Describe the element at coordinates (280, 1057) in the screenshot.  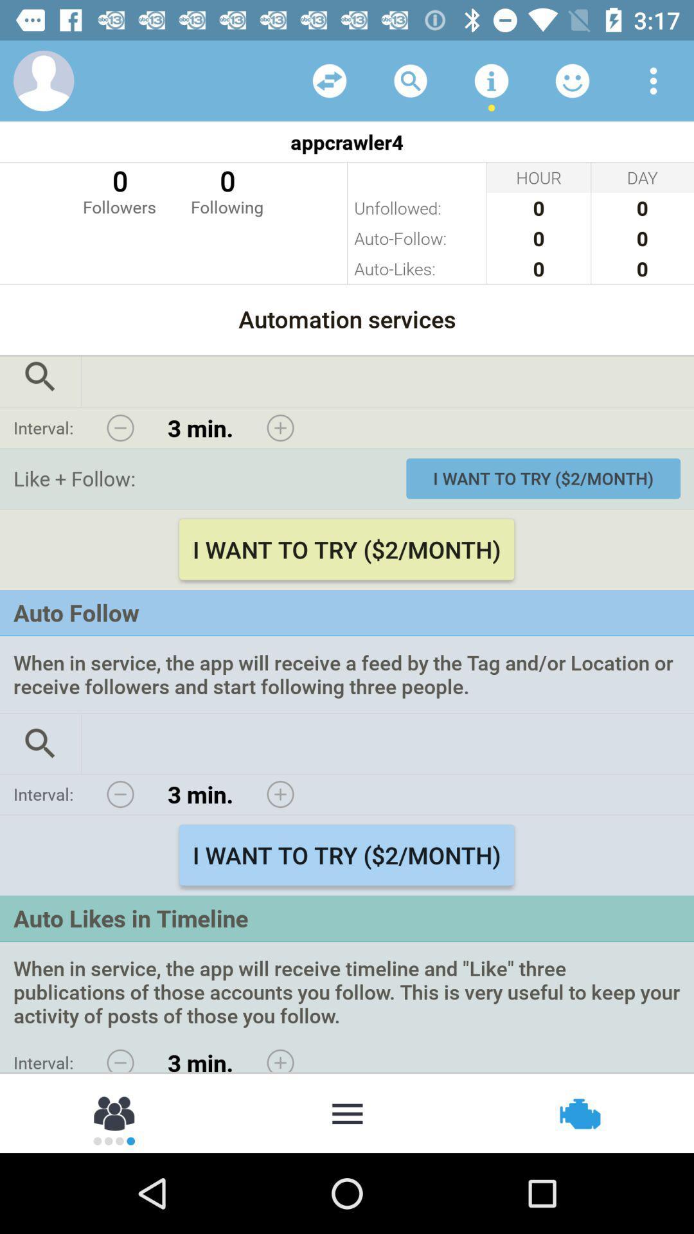
I see `increases time interval` at that location.